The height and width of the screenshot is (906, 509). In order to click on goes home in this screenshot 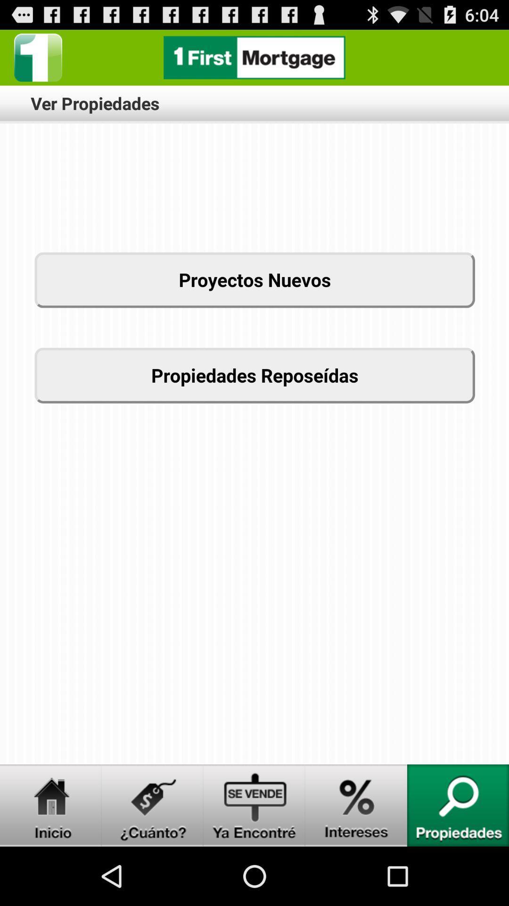, I will do `click(51, 805)`.